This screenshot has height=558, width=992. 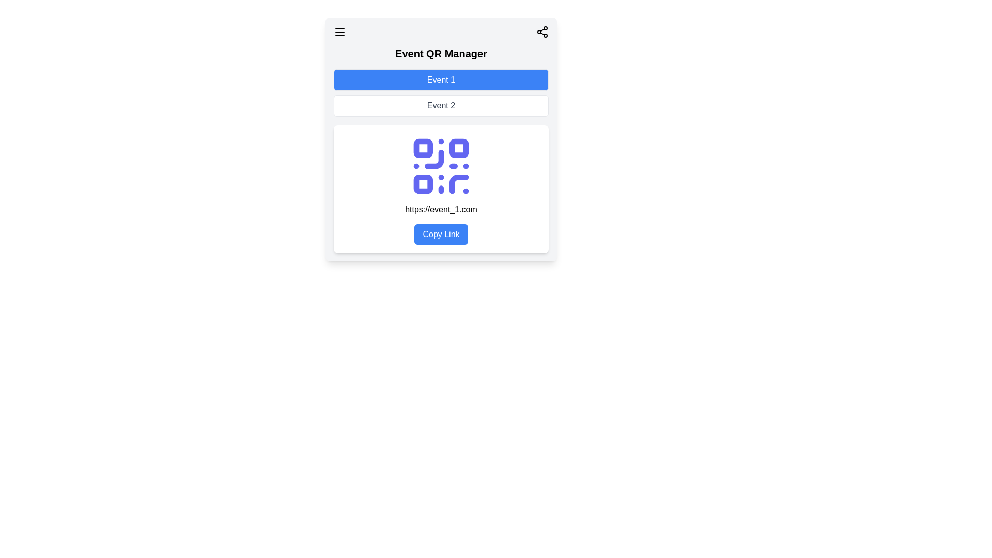 I want to click on the sharing icon resembling three connected dots to initiate a sharing action, so click(x=542, y=31).